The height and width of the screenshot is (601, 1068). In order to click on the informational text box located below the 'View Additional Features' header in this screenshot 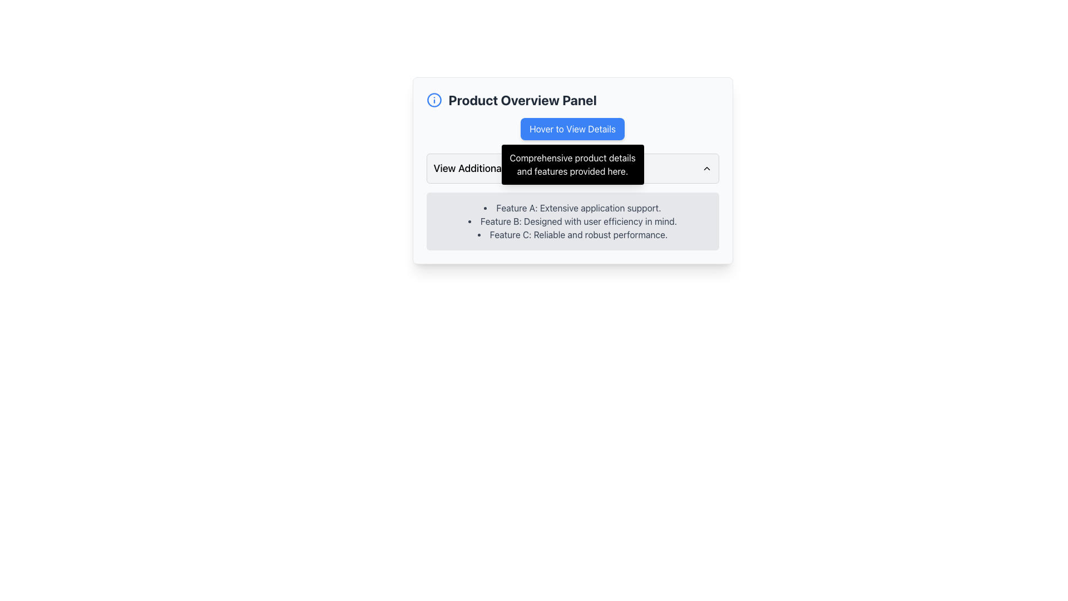, I will do `click(572, 221)`.